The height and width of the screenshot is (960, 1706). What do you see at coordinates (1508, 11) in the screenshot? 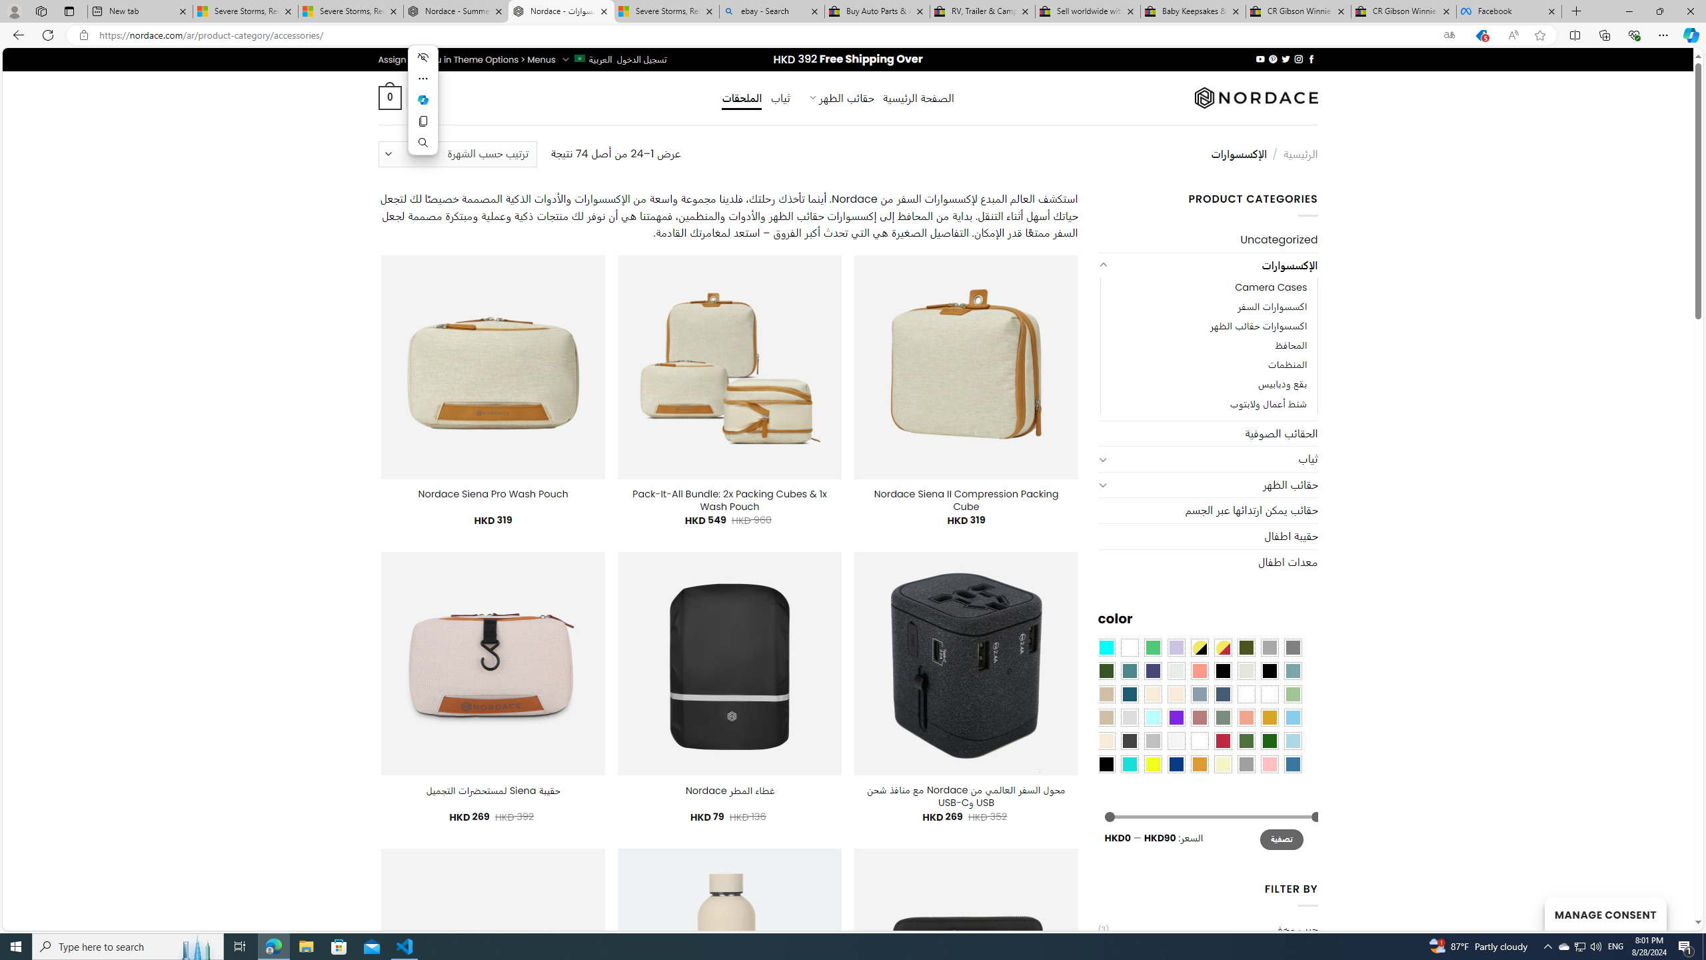
I see `'Facebook'` at bounding box center [1508, 11].